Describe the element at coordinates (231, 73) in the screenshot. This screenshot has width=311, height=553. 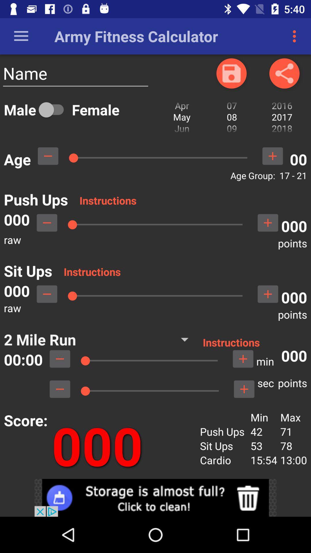
I see `backup data` at that location.